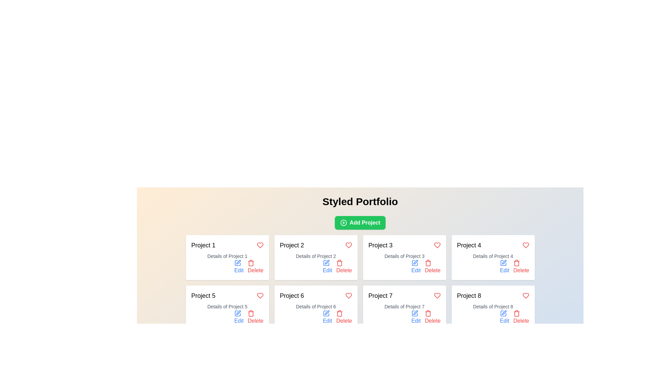  What do you see at coordinates (521, 266) in the screenshot?
I see `the delete action trigger for 'Project 4', which is a button-like interactive text-link with an icon, located immediately to the right of the 'Edit' link` at bounding box center [521, 266].